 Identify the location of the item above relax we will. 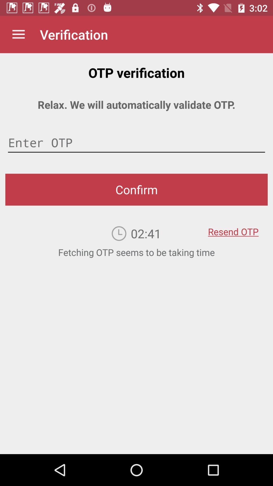
(18, 34).